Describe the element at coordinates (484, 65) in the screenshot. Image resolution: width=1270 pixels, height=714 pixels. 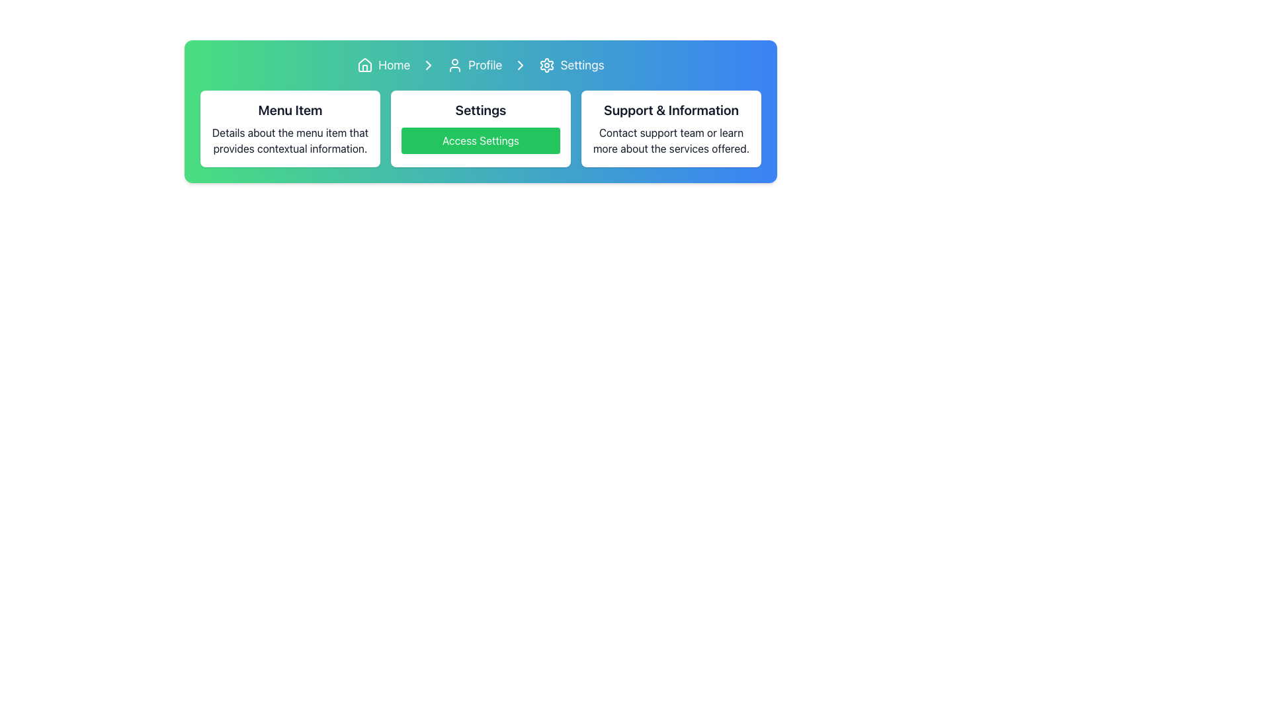
I see `the 'Profile' static text label in the top navigation bar, which is styled in white on a blue-green gradient background and positioned next to the user profile icon` at that location.